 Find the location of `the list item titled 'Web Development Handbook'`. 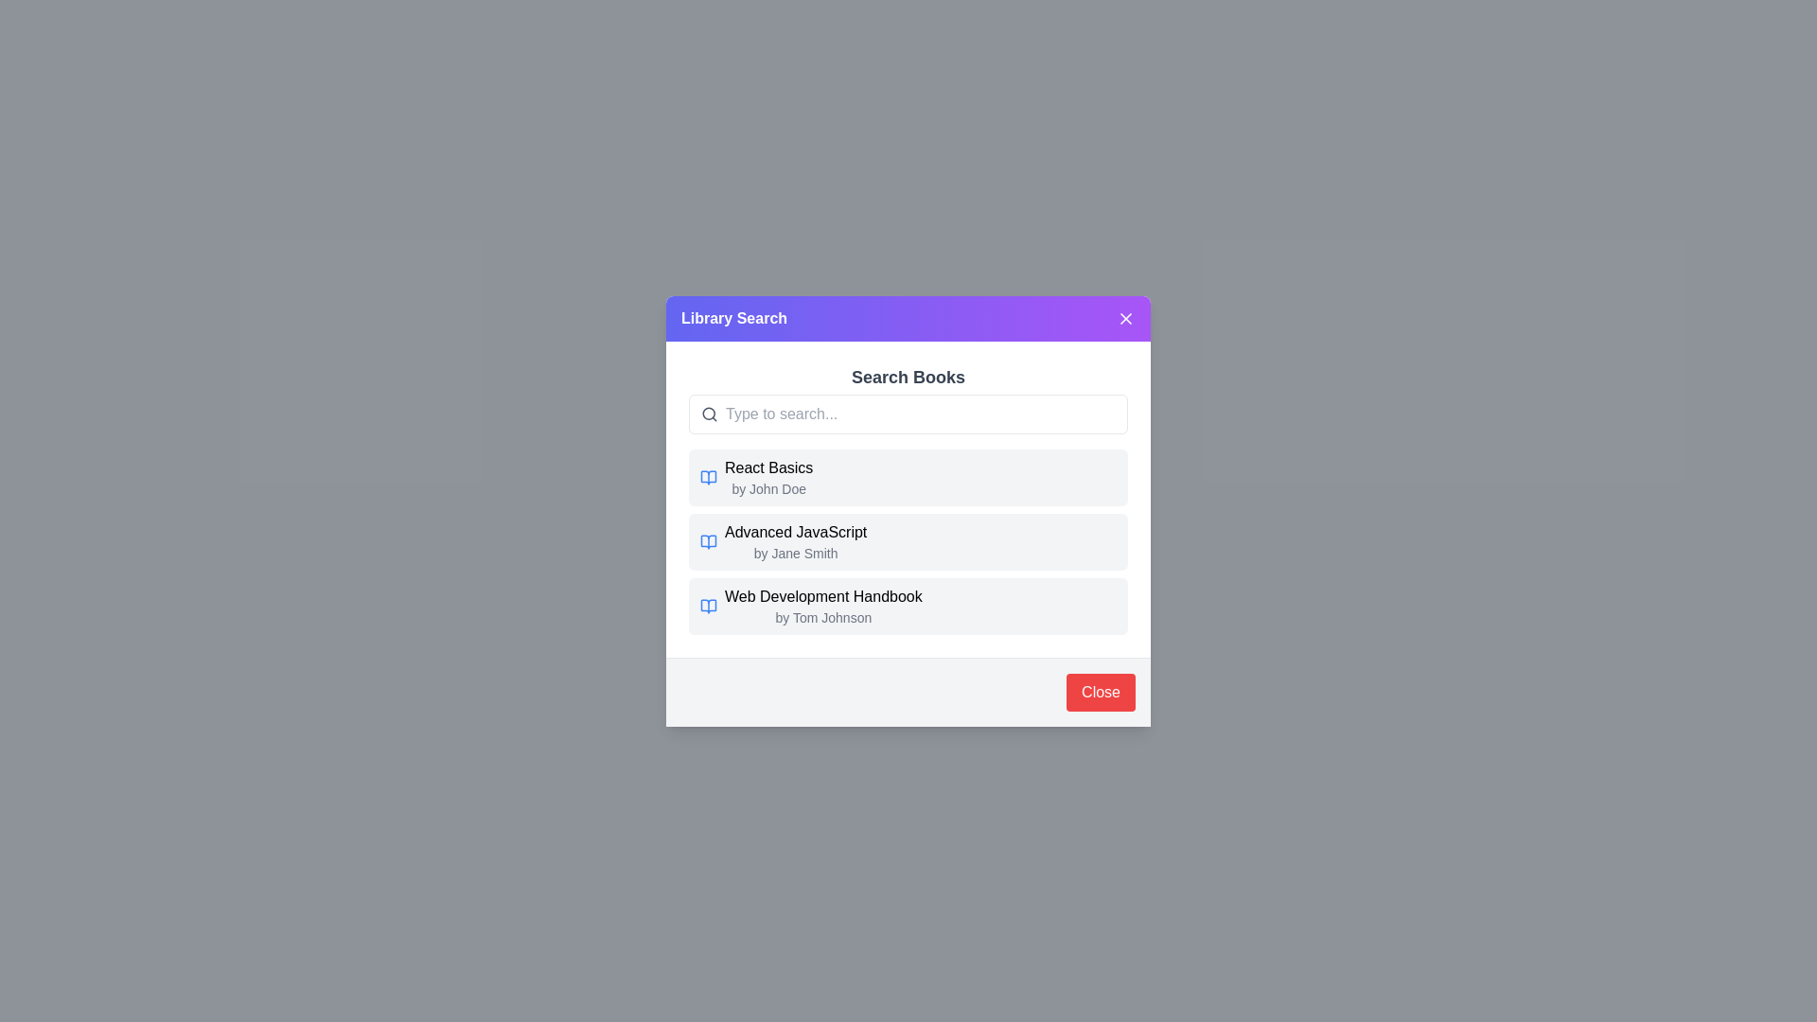

the list item titled 'Web Development Handbook' is located at coordinates (908, 606).